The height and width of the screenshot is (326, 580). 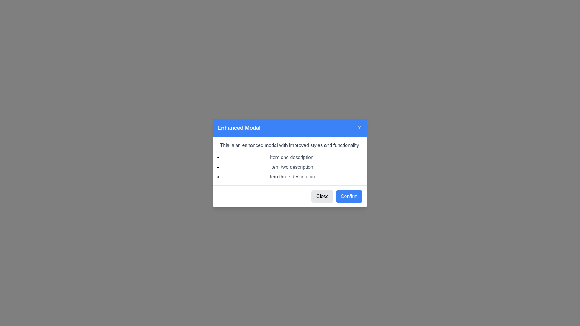 What do you see at coordinates (290, 145) in the screenshot?
I see `the static text element that reads 'This is an enhanced modal with improved styles and functionality.' located below the header of the modal dialog box` at bounding box center [290, 145].